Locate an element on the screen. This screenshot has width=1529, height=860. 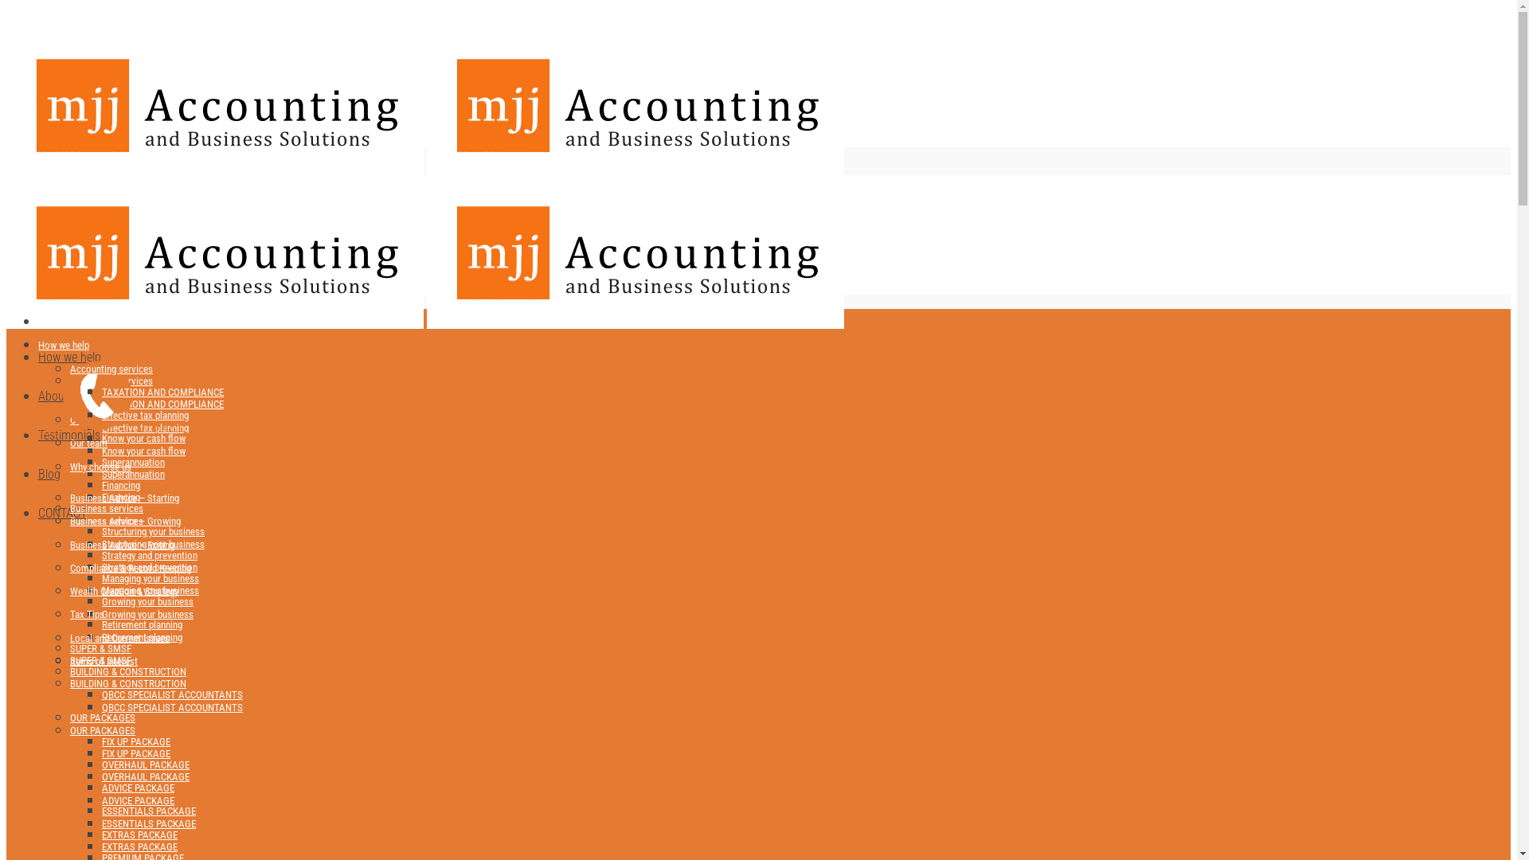
'HOME' is located at coordinates (38, 318).